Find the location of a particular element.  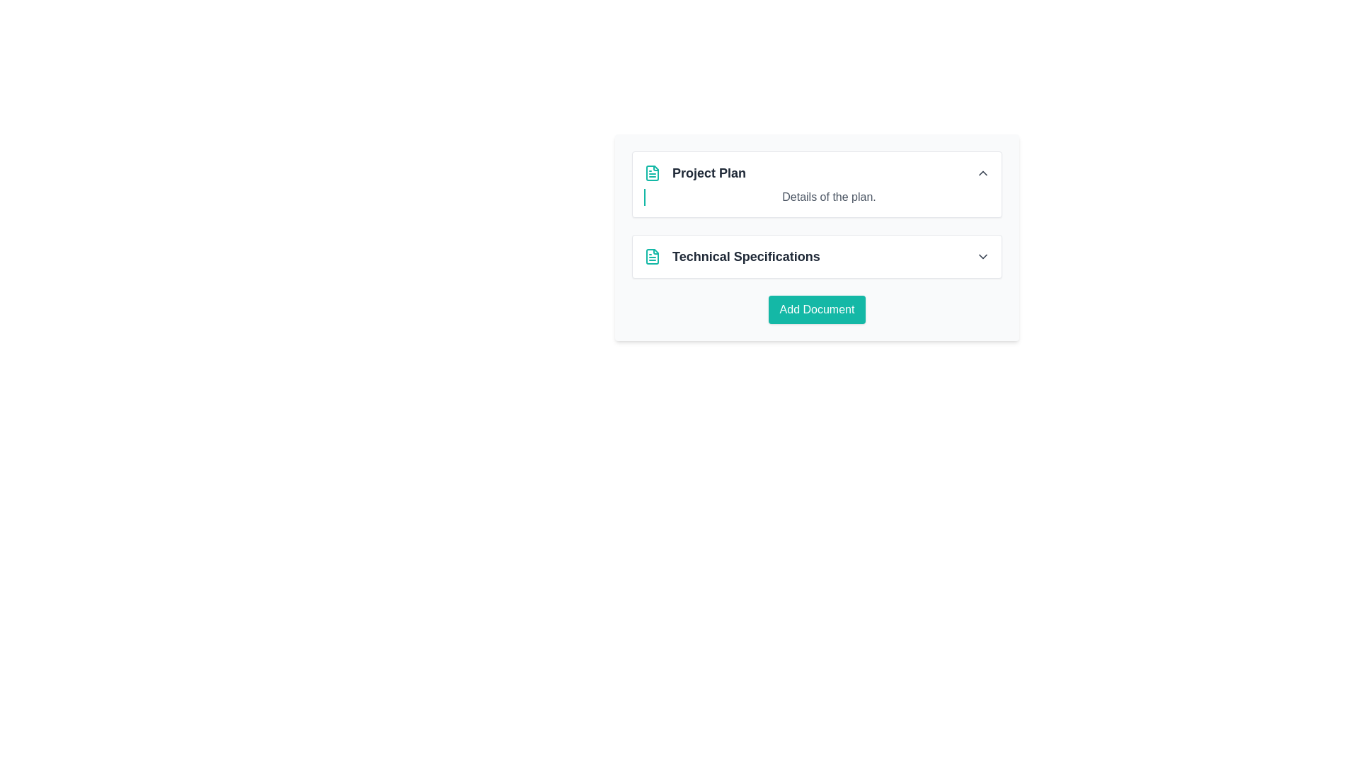

the icon resembling a document or file, which is teal in color and located to the left of the 'Technical Specifications' text is located at coordinates (651, 256).